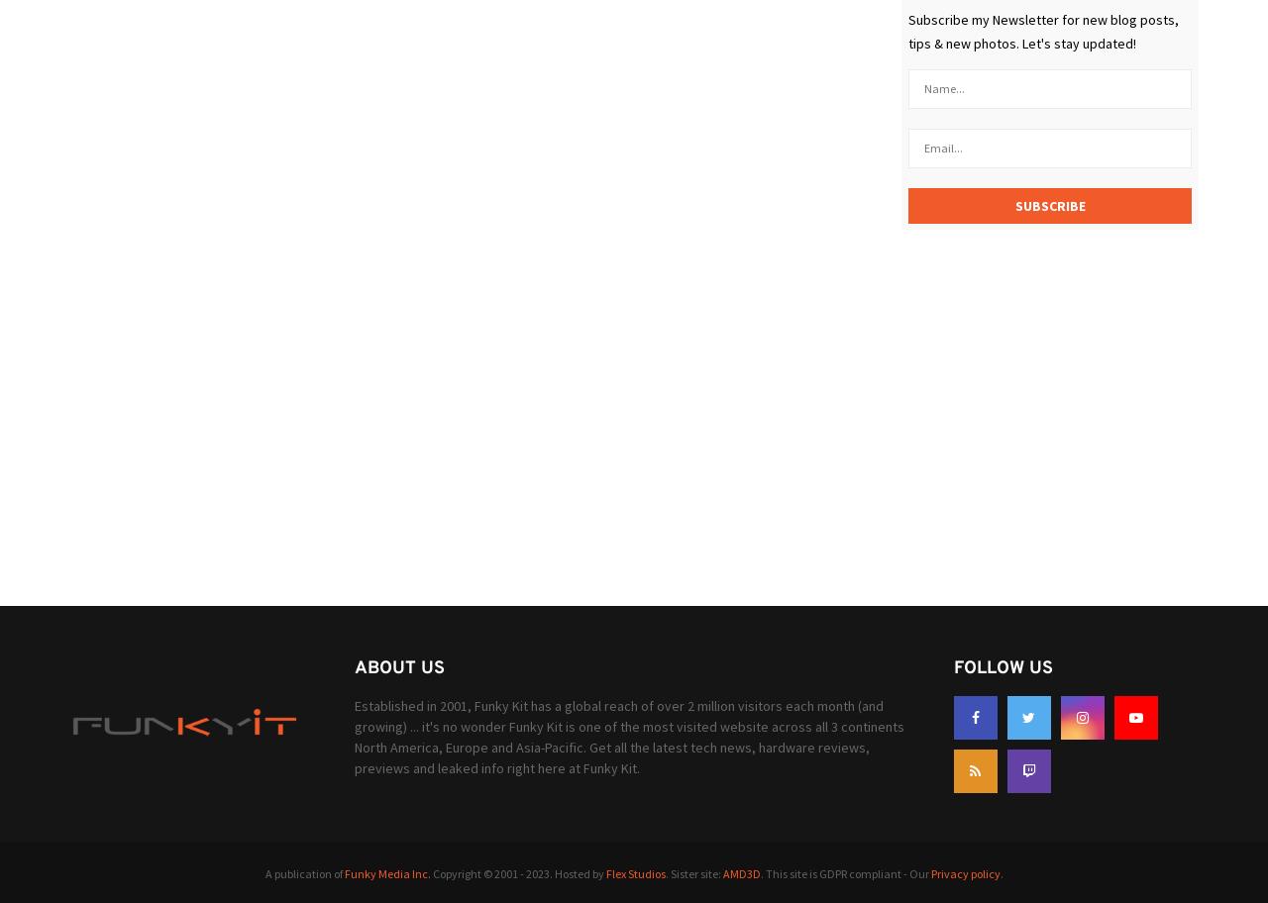 This screenshot has height=903, width=1268. What do you see at coordinates (1002, 666) in the screenshot?
I see `'Follow us'` at bounding box center [1002, 666].